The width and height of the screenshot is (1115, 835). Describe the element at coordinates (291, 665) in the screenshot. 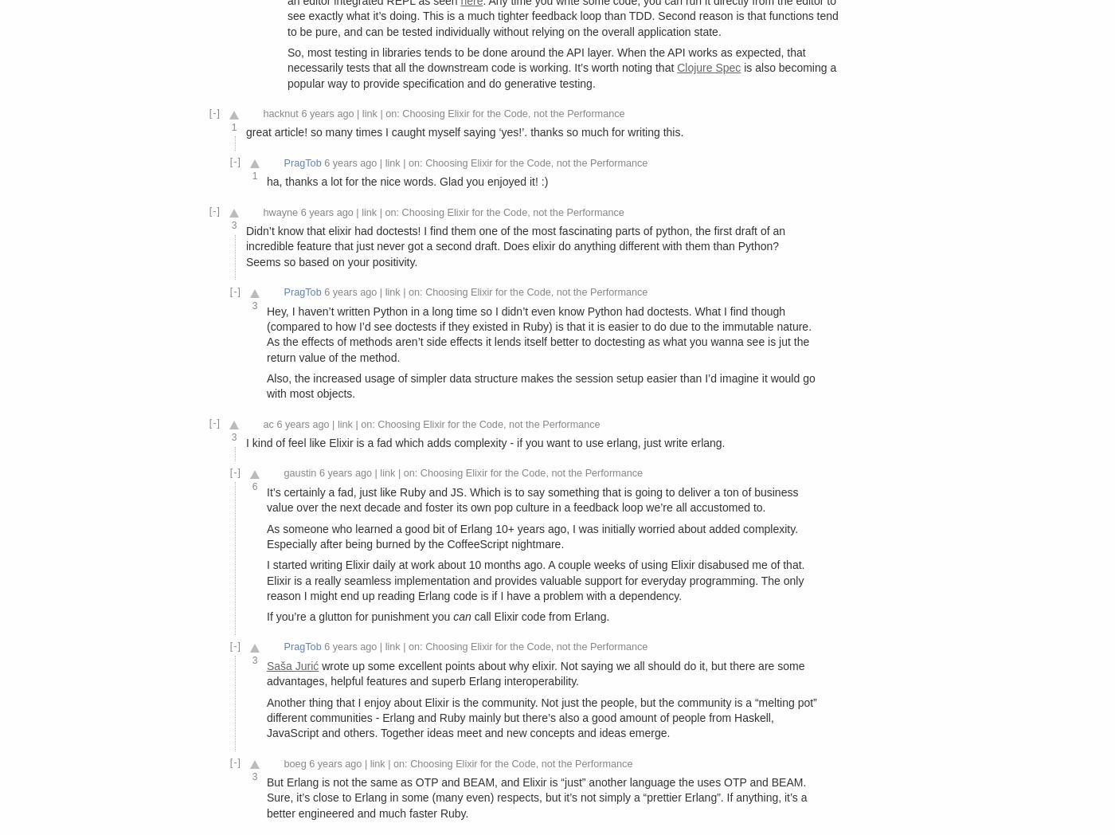

I see `'Saša Jurić'` at that location.